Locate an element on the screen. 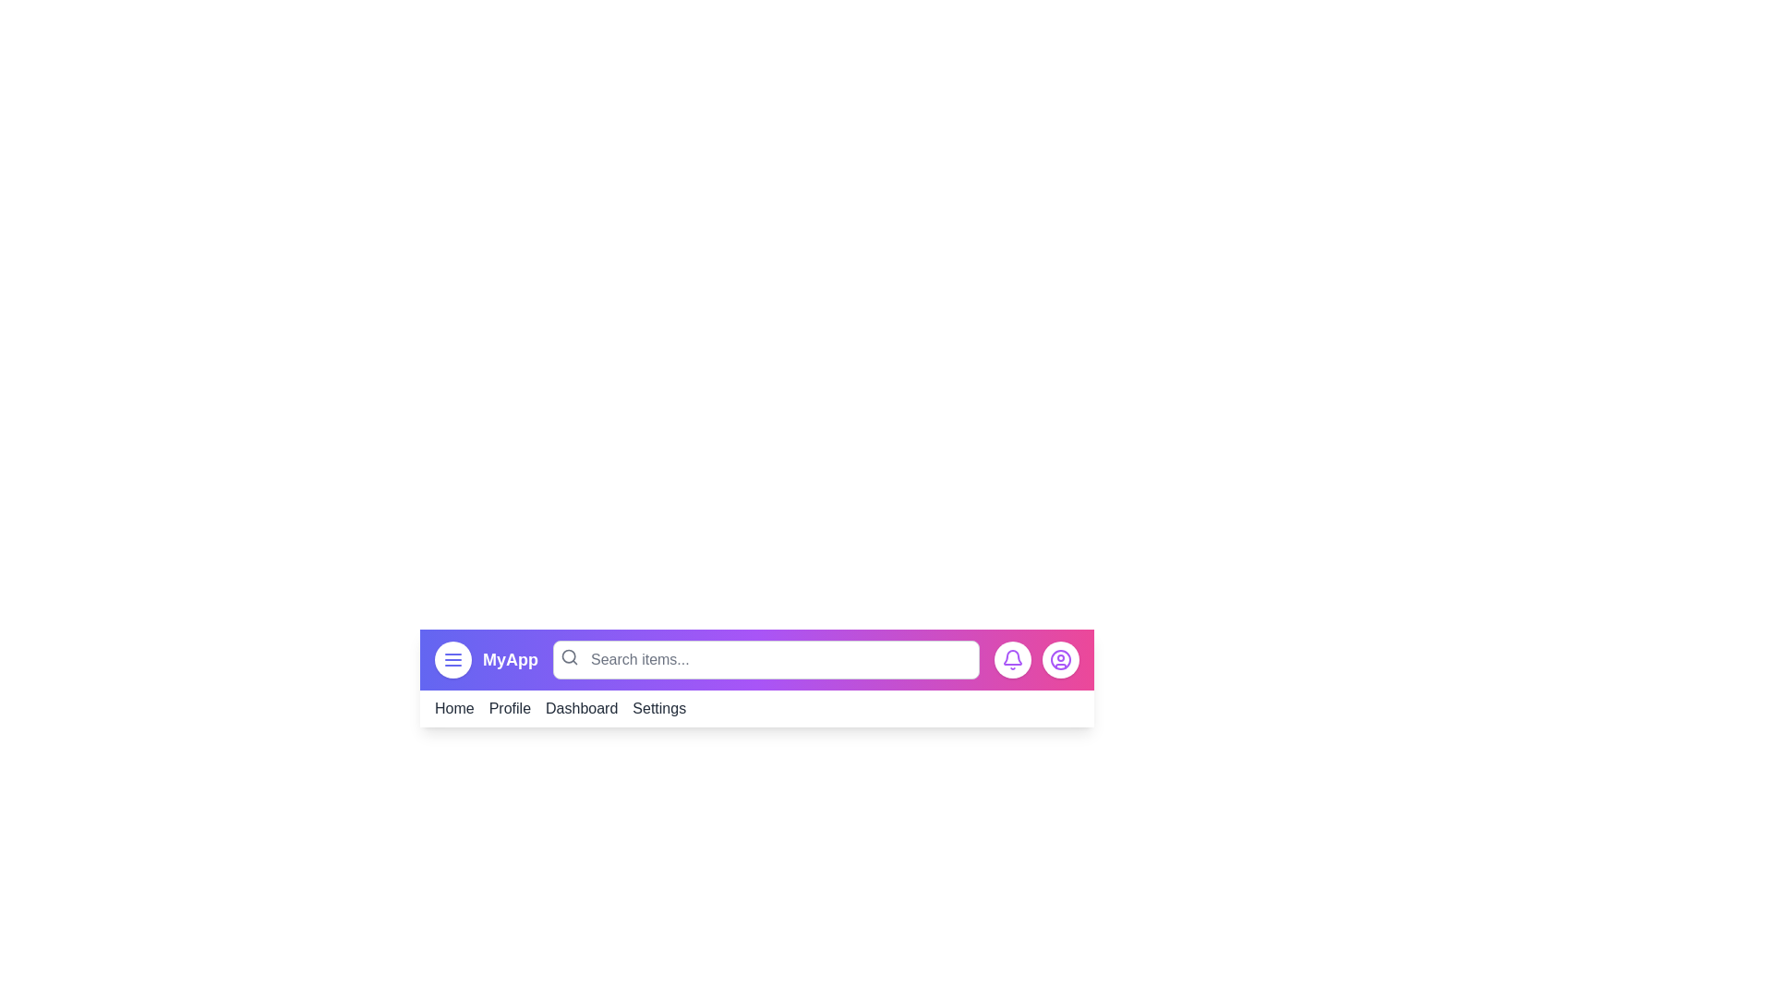 The image size is (1773, 997). the menu button to toggle the menu visibility is located at coordinates (452, 658).